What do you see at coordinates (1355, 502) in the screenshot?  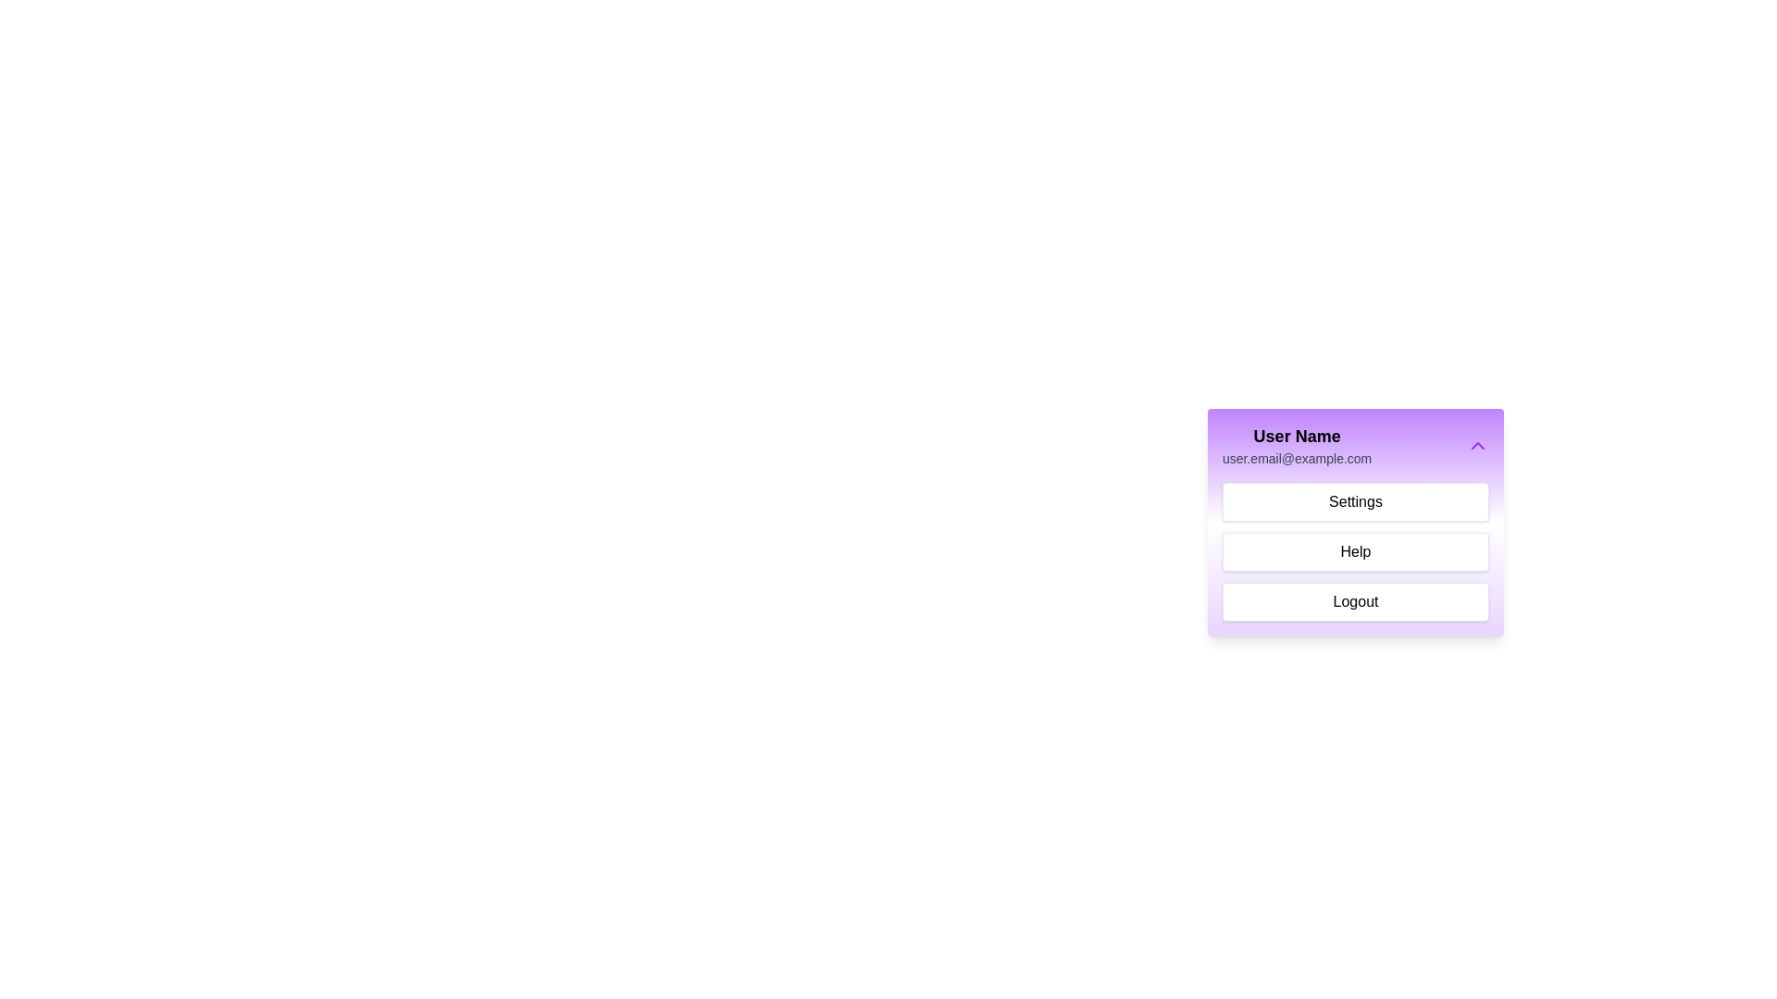 I see `the 'Settings' option in the ProfileMenu` at bounding box center [1355, 502].